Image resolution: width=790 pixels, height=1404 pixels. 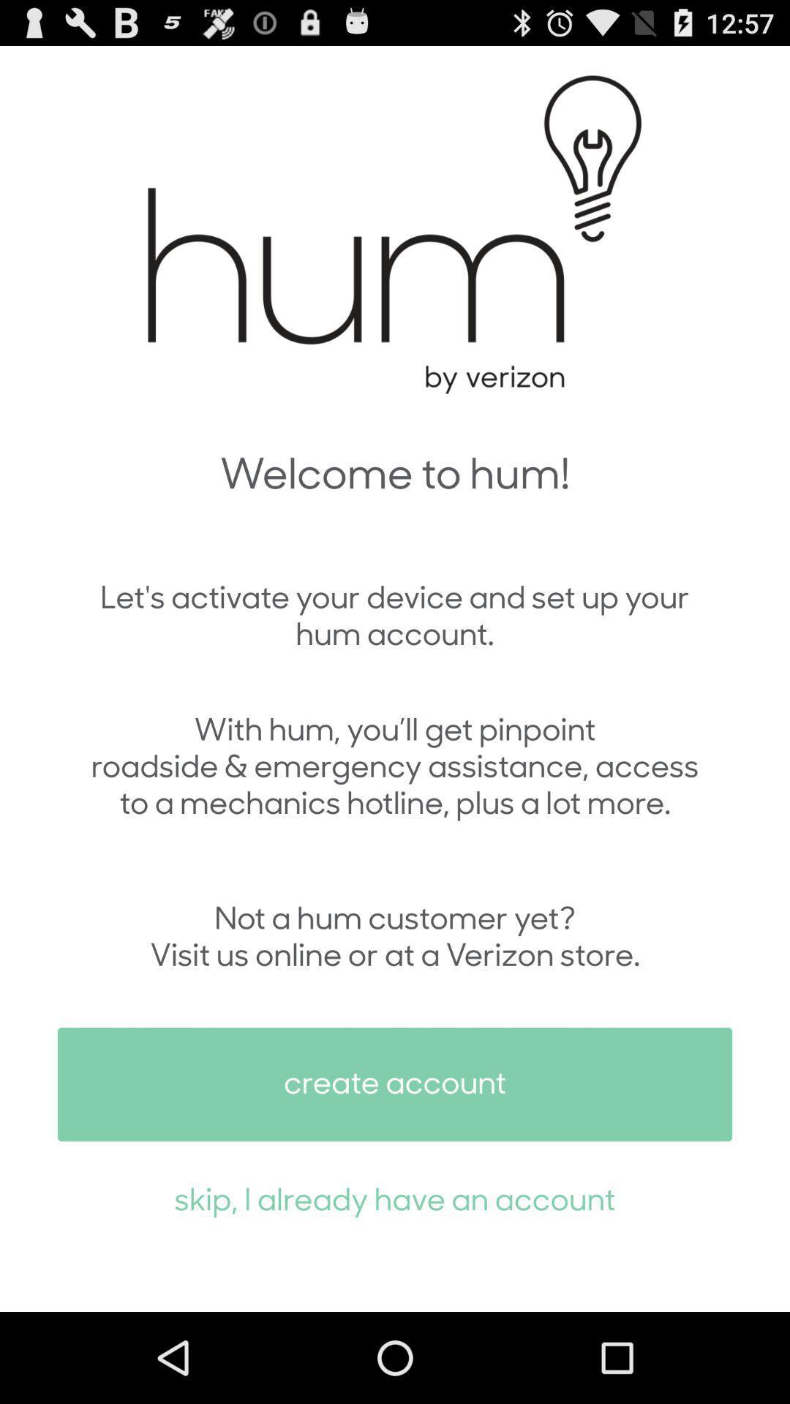 I want to click on create account icon, so click(x=395, y=1084).